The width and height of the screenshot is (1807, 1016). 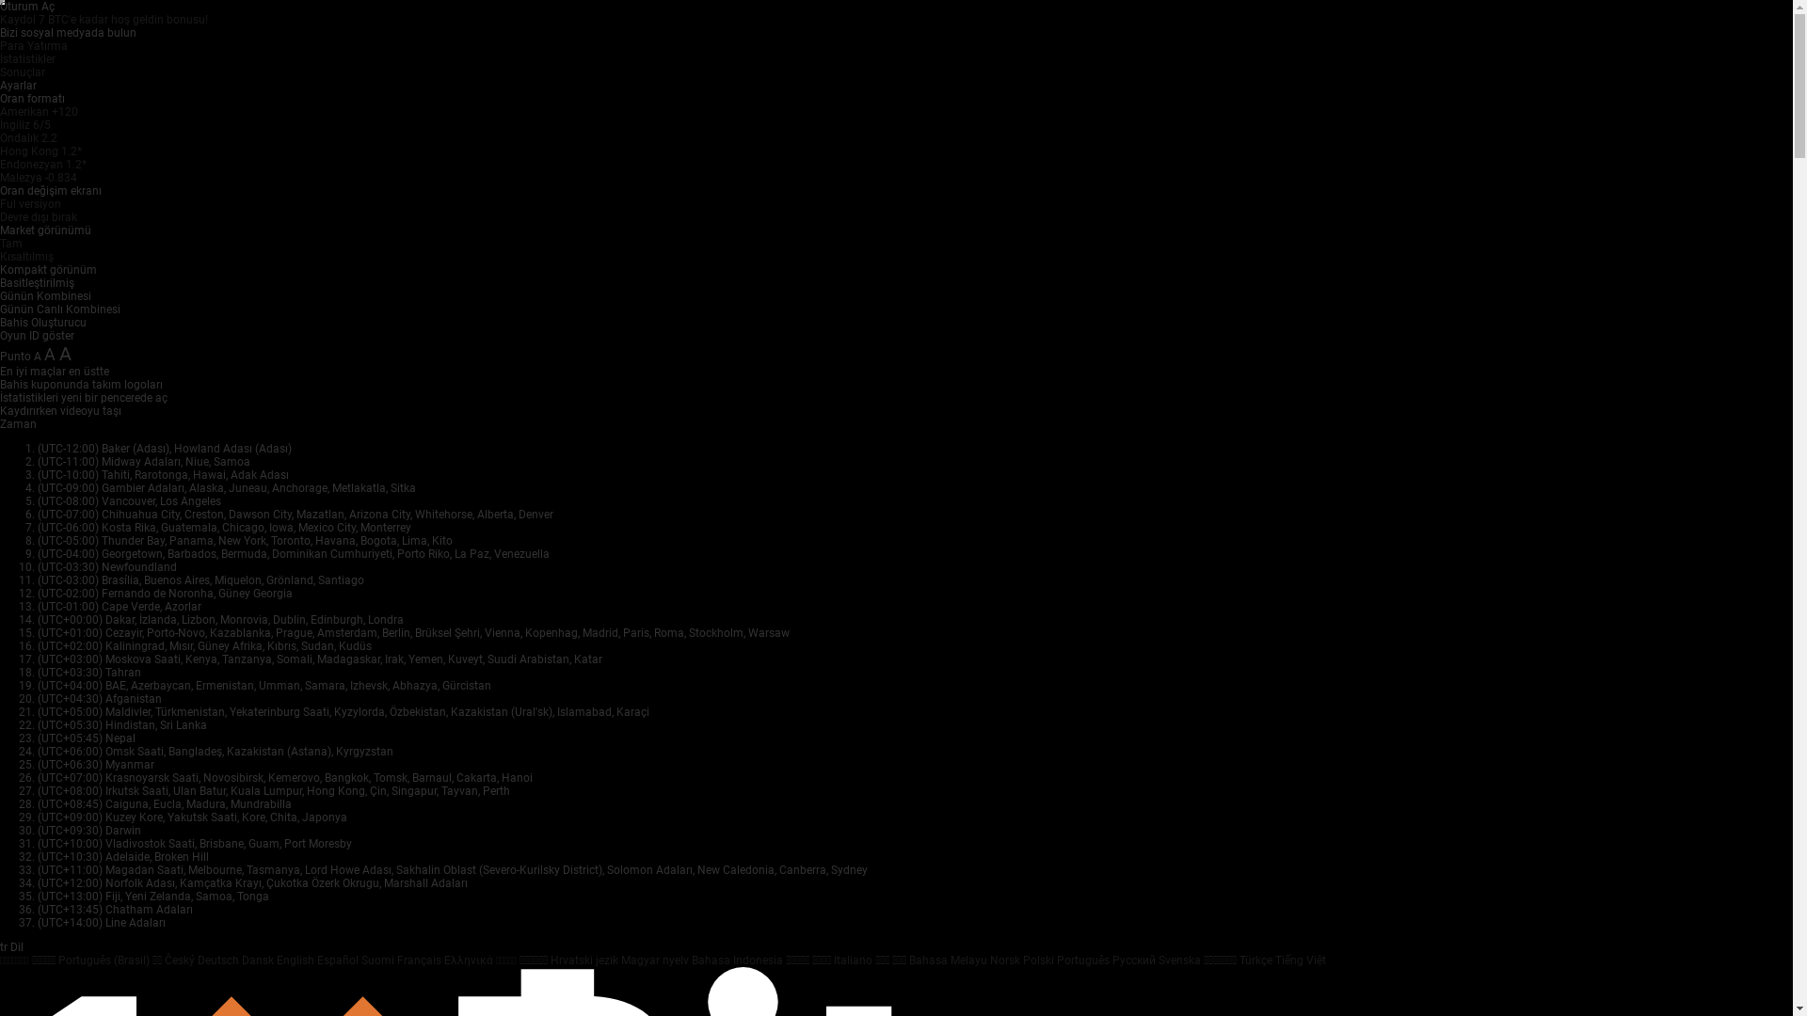 I want to click on 'Hong Kong 1.2*', so click(x=40, y=151).